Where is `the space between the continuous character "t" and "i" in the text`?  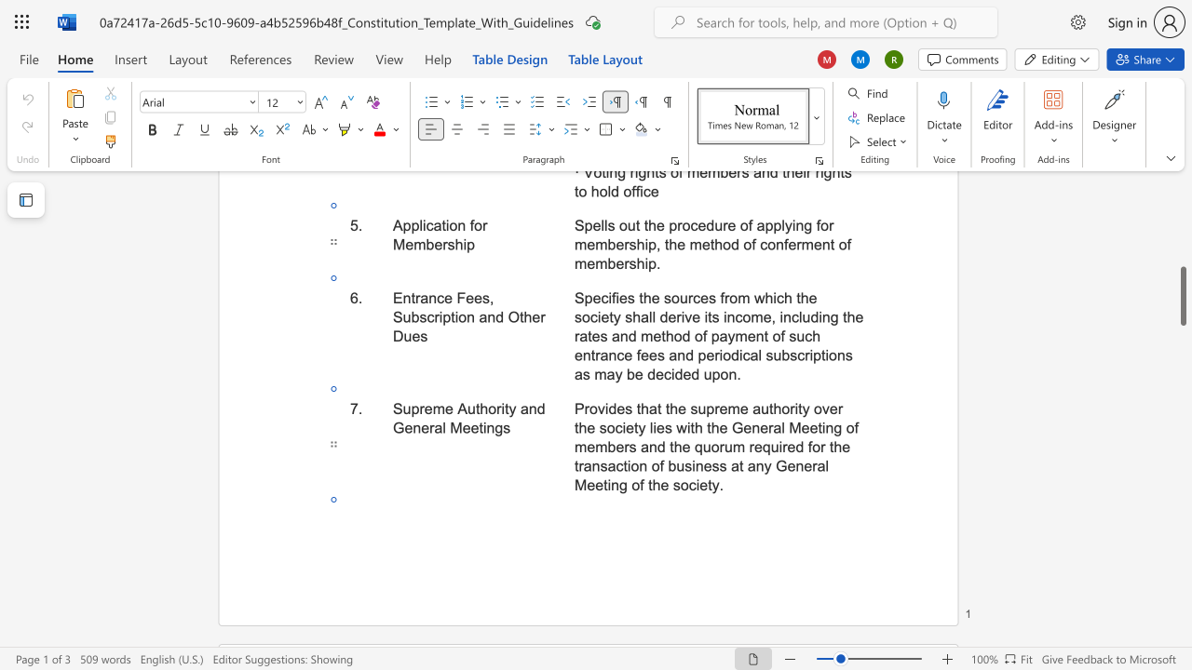 the space between the continuous character "t" and "i" in the text is located at coordinates (482, 428).